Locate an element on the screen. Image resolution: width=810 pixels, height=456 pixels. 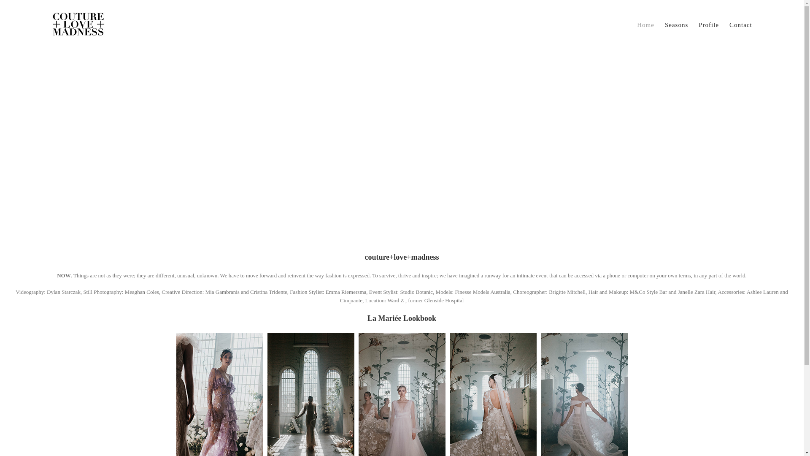
'Home' is located at coordinates (645, 24).